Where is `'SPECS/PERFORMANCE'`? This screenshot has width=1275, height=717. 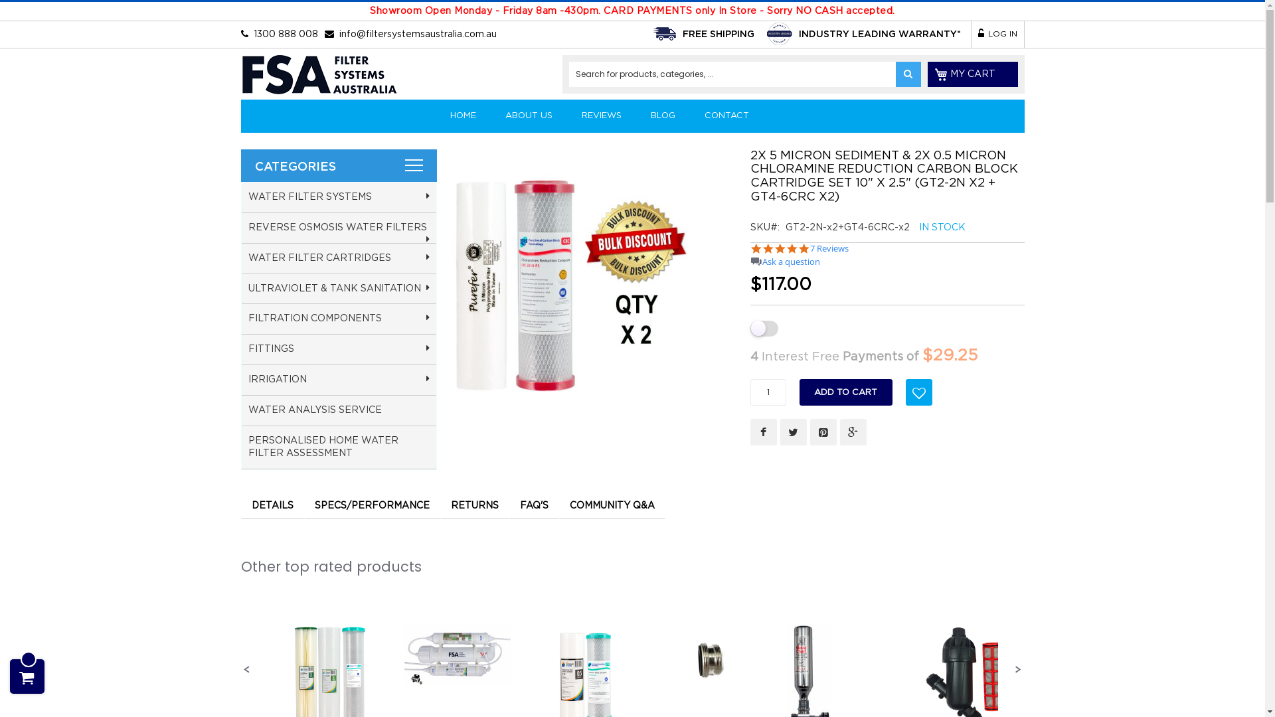
'SPECS/PERFORMANCE' is located at coordinates (372, 505).